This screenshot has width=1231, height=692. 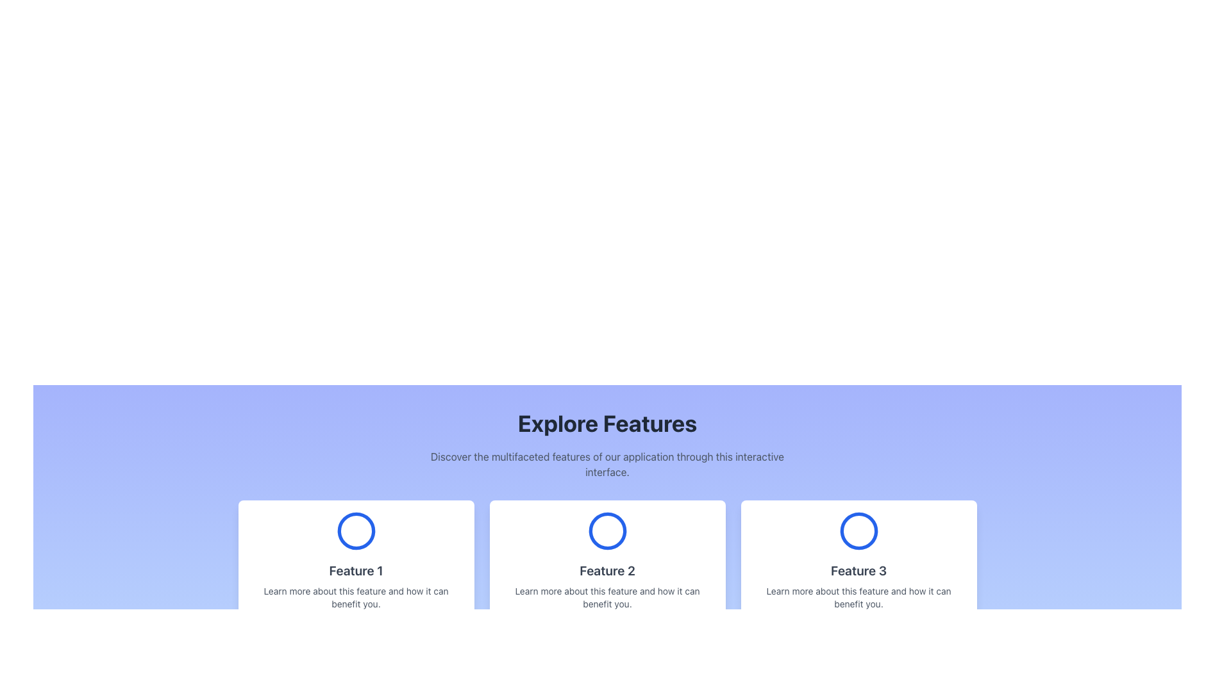 What do you see at coordinates (607, 465) in the screenshot?
I see `the explanatory text content located beneath the 'Explore Features' heading, which serves to provide context about the interactive features below` at bounding box center [607, 465].